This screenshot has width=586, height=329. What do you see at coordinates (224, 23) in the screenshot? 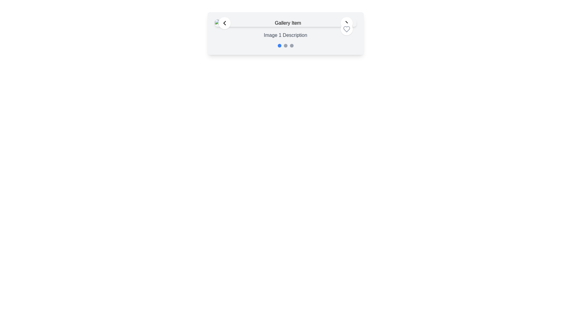
I see `the navigation button located to the left of the title 'Gallery Item'` at bounding box center [224, 23].